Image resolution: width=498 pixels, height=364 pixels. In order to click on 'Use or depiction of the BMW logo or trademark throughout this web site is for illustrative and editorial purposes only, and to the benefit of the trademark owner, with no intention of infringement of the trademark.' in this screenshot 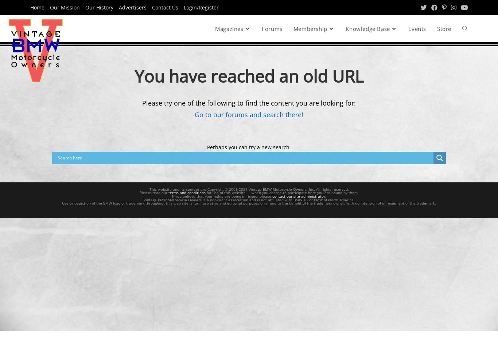, I will do `click(249, 203)`.